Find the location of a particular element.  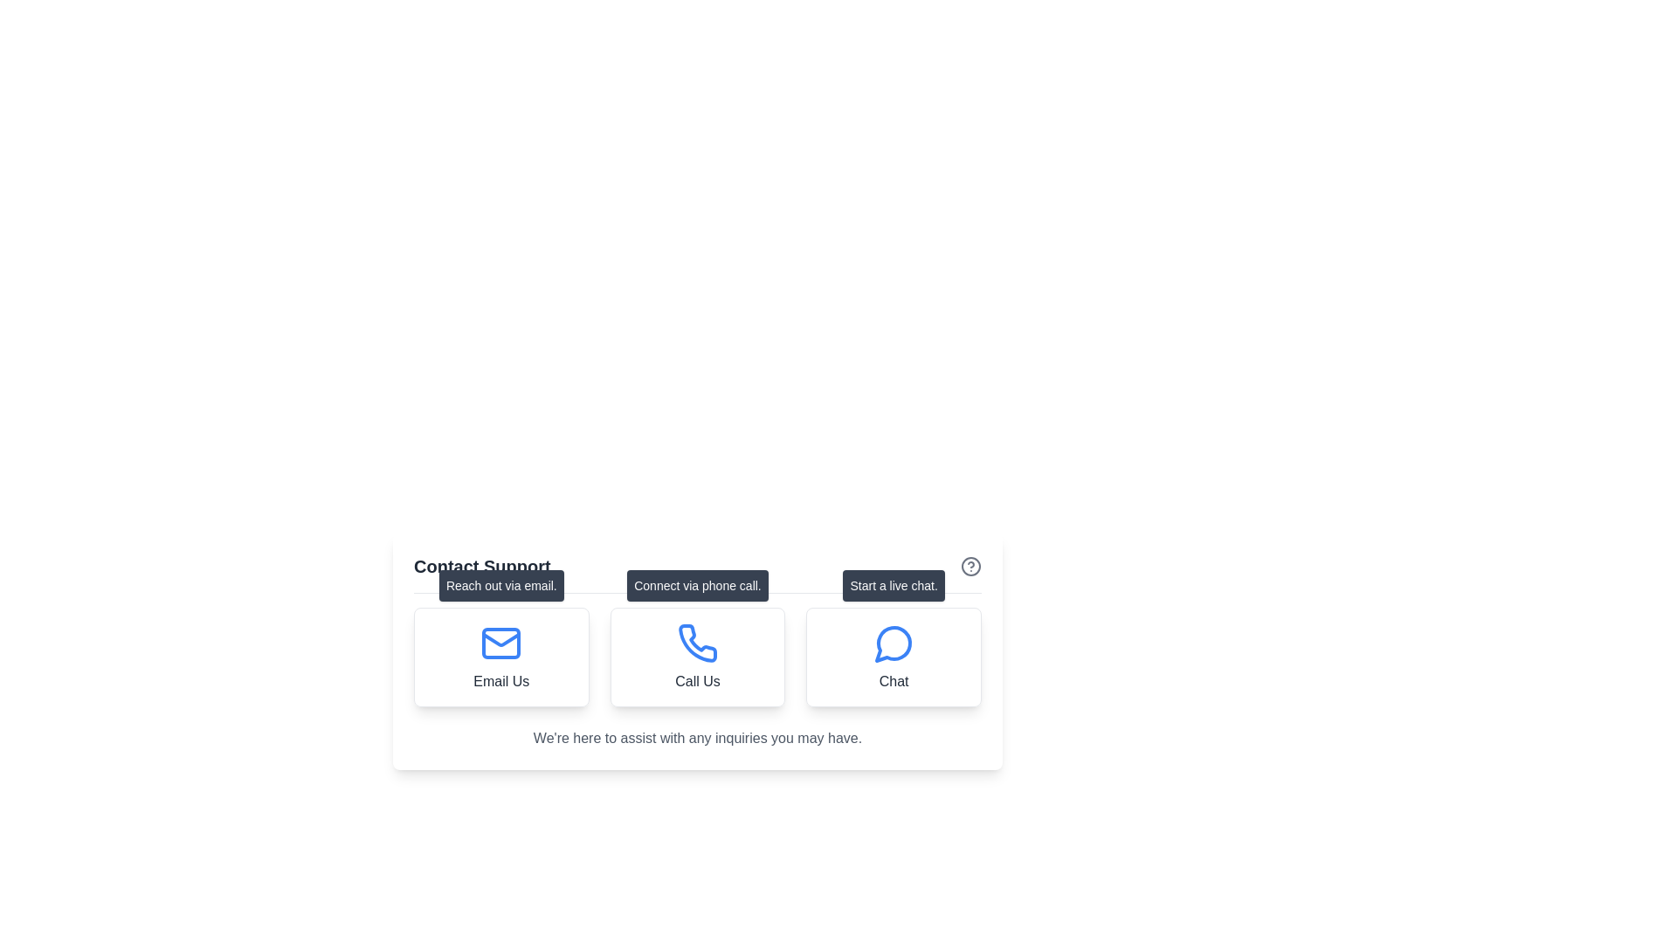

the help icon located on the rightmost side of the 'Contact Support' section header, aligned horizontally with the title text is located at coordinates (970, 566).